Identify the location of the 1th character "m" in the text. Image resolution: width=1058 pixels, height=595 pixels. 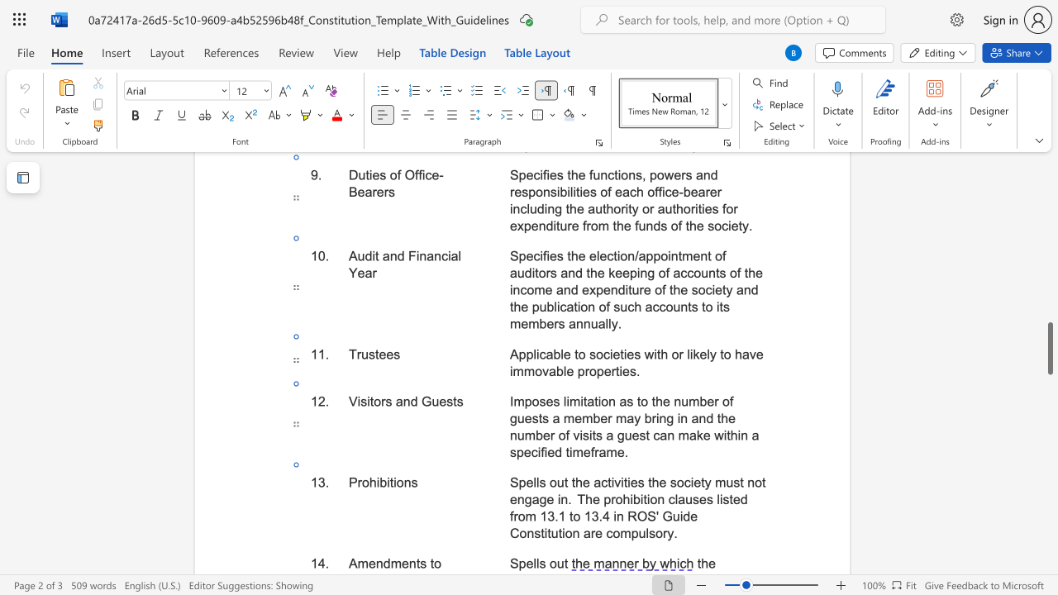
(518, 402).